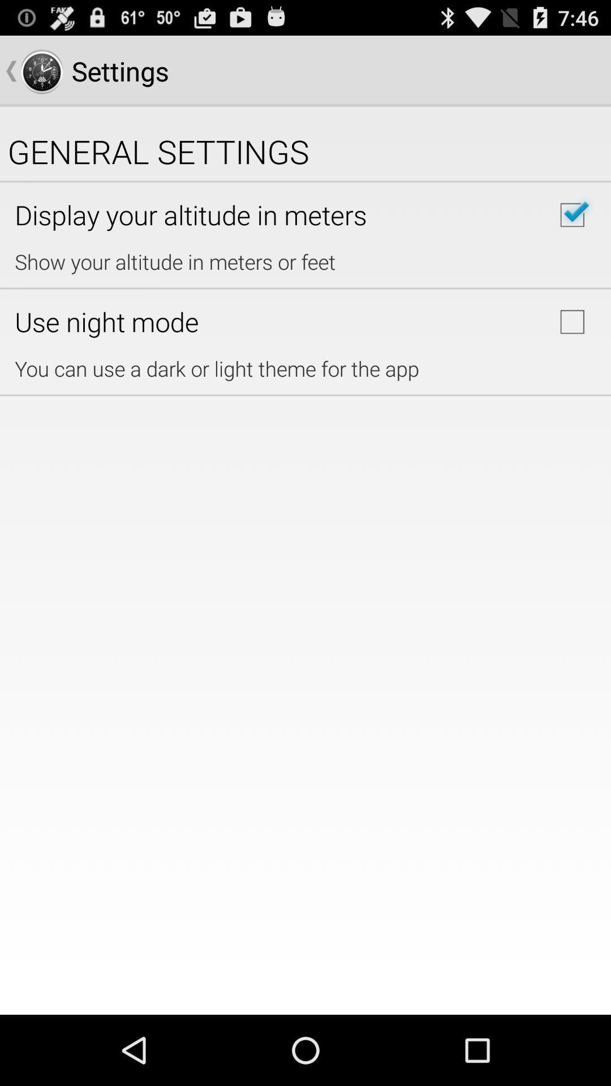 The width and height of the screenshot is (611, 1086). Describe the element at coordinates (572, 215) in the screenshot. I see `check out` at that location.